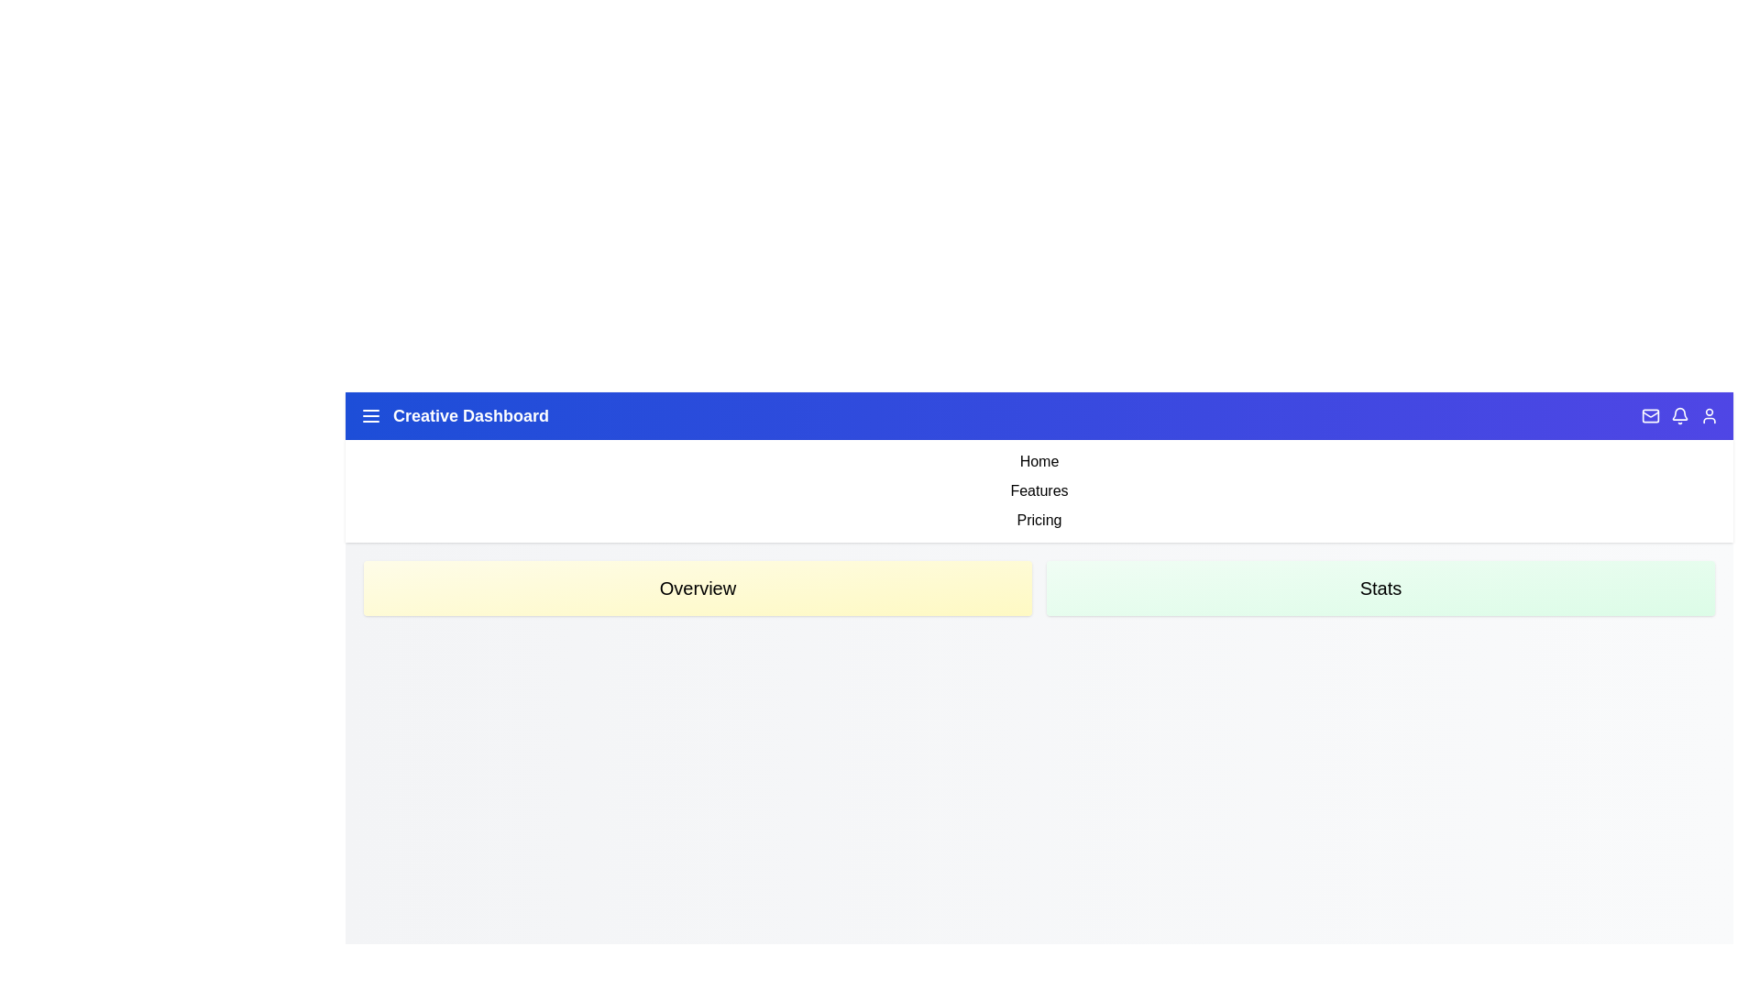  What do you see at coordinates (1039, 461) in the screenshot?
I see `the link corresponding to Home to navigate to the respective section` at bounding box center [1039, 461].